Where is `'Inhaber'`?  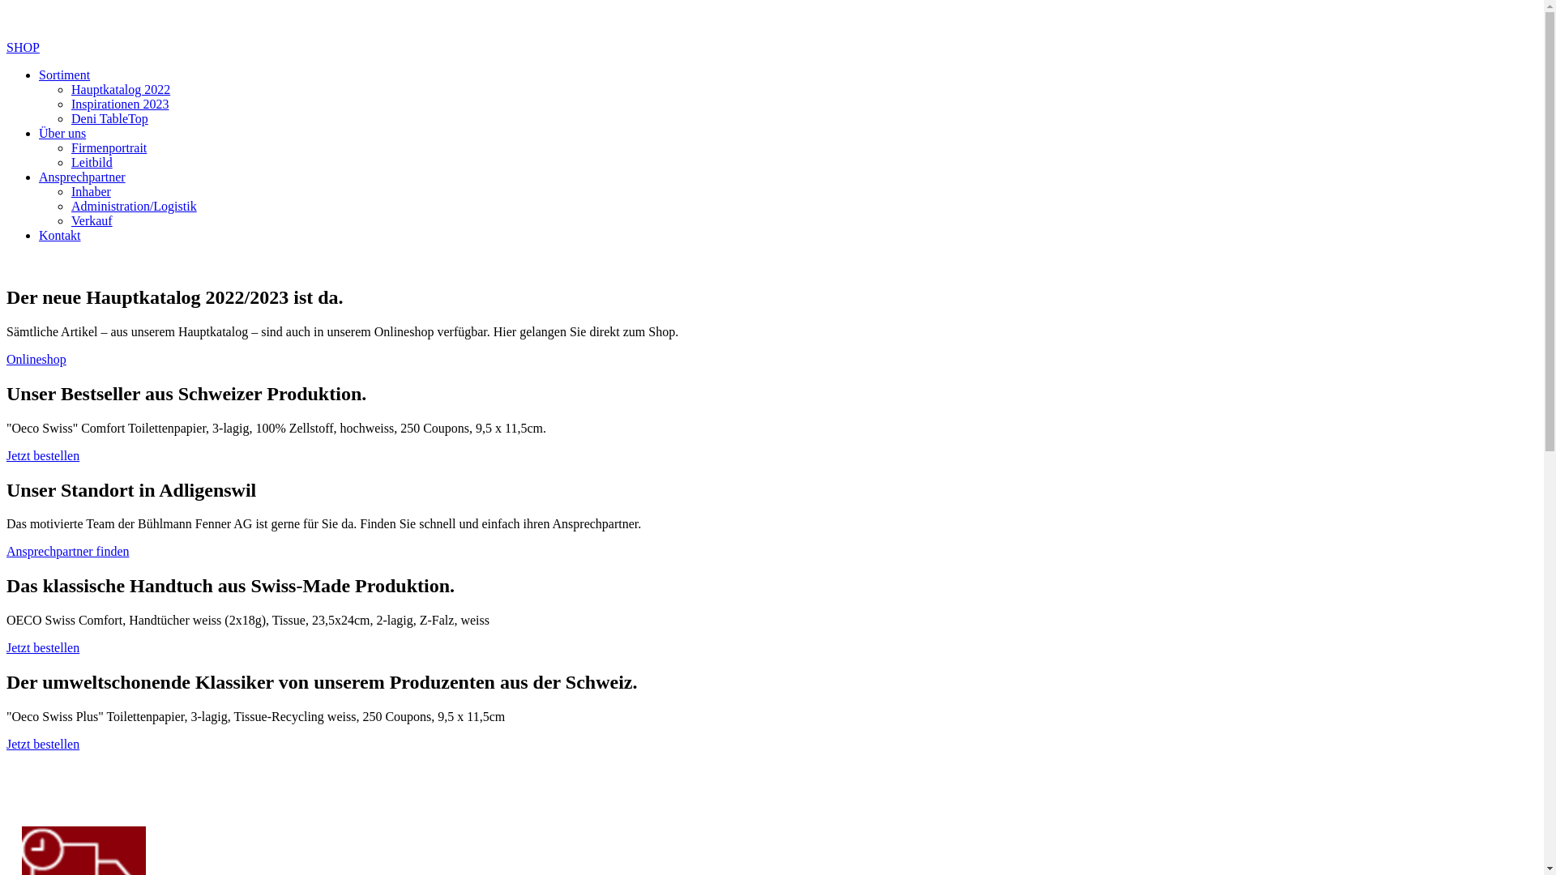 'Inhaber' is located at coordinates (90, 190).